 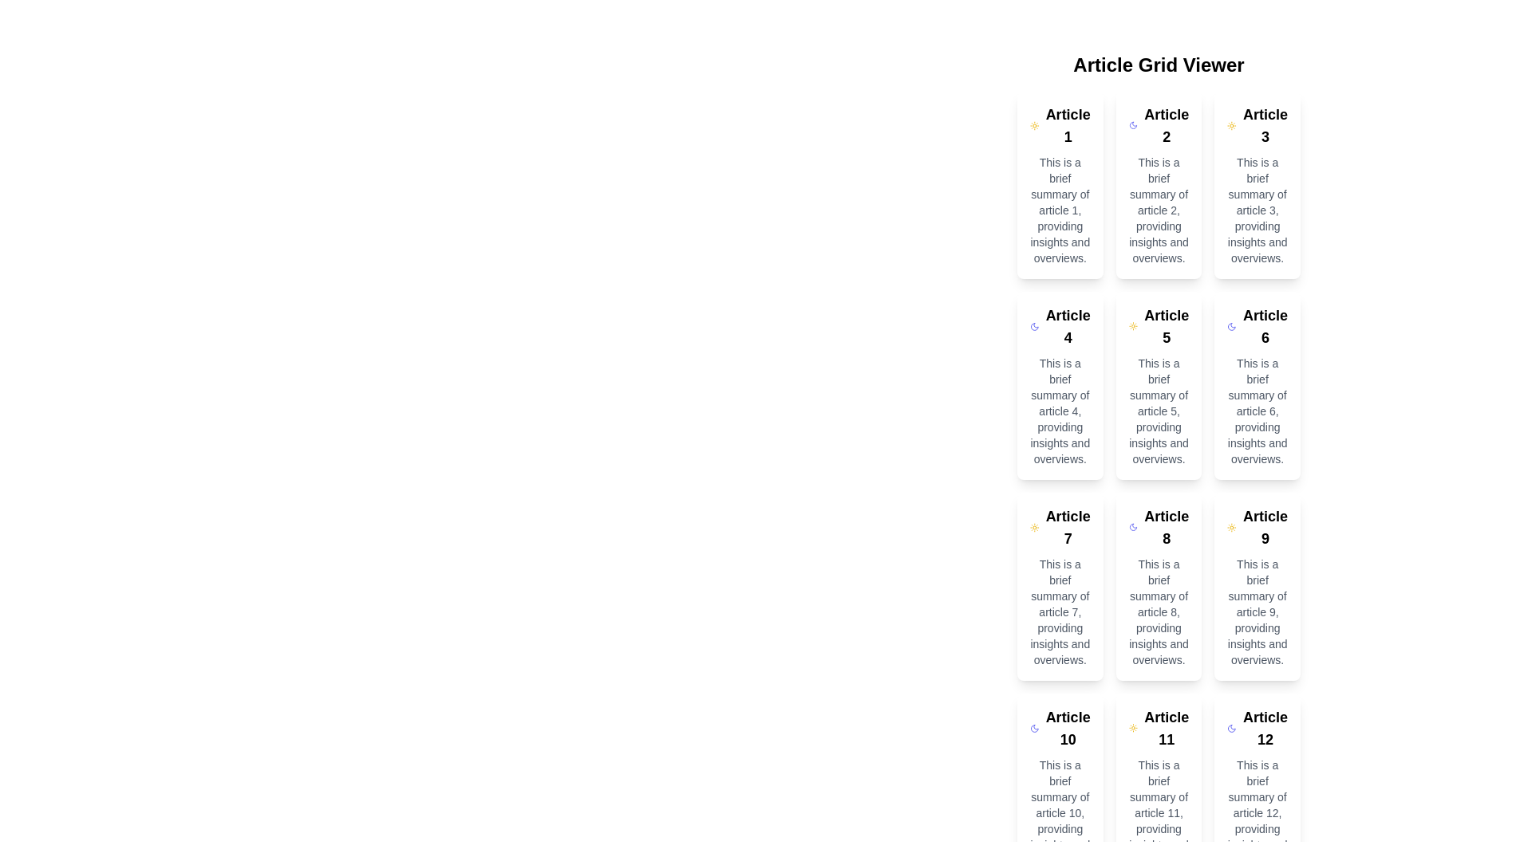 What do you see at coordinates (1159, 587) in the screenshot?
I see `the article overview card located in the second column of the third row of the grid layout, which provides insights into the article's content` at bounding box center [1159, 587].